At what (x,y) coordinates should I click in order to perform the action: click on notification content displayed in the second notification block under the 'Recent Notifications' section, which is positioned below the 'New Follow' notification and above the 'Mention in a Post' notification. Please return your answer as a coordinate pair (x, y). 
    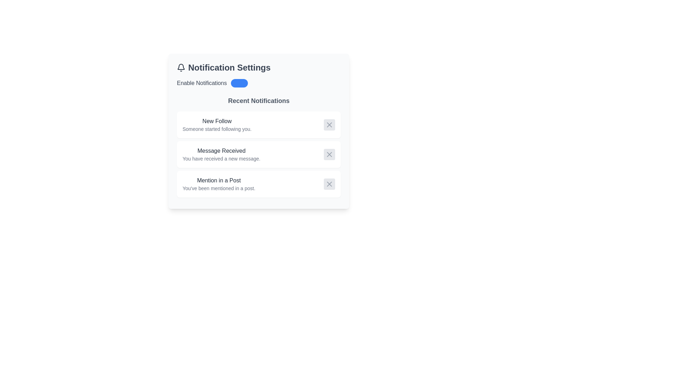
    Looking at the image, I should click on (221, 154).